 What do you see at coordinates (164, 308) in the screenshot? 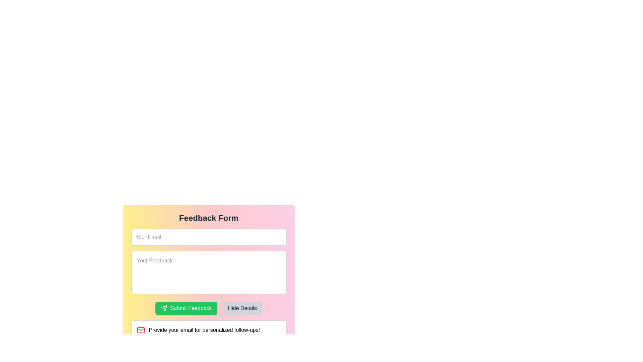
I see `the small green triangular icon resembling a paper plane, which indicates a 'Send' or 'Submit' action, located on the left side of the 'Submit Feedback' button beneath the feedback input fields` at bounding box center [164, 308].